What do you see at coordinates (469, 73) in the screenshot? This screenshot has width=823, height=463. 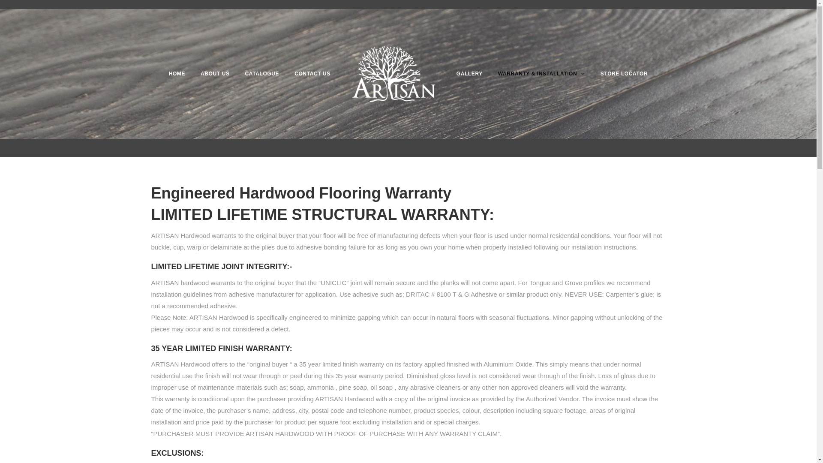 I see `'GALLERY'` at bounding box center [469, 73].